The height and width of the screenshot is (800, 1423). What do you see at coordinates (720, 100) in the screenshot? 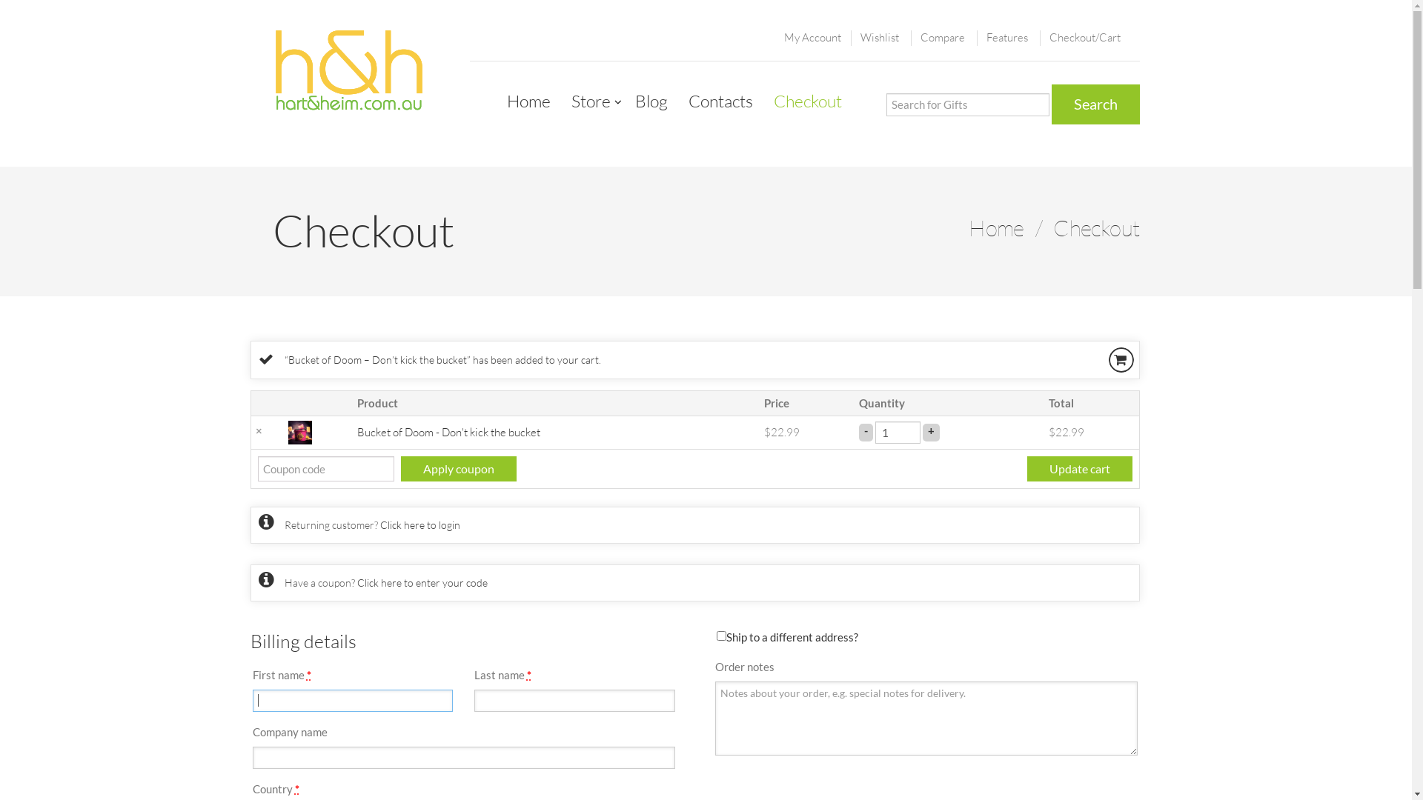
I see `'Contacts'` at bounding box center [720, 100].